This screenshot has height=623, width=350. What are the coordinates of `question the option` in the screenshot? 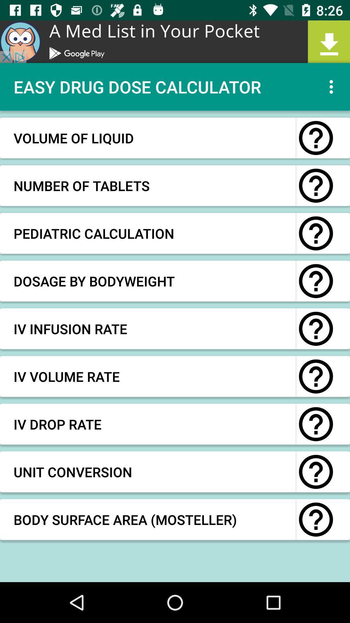 It's located at (316, 424).